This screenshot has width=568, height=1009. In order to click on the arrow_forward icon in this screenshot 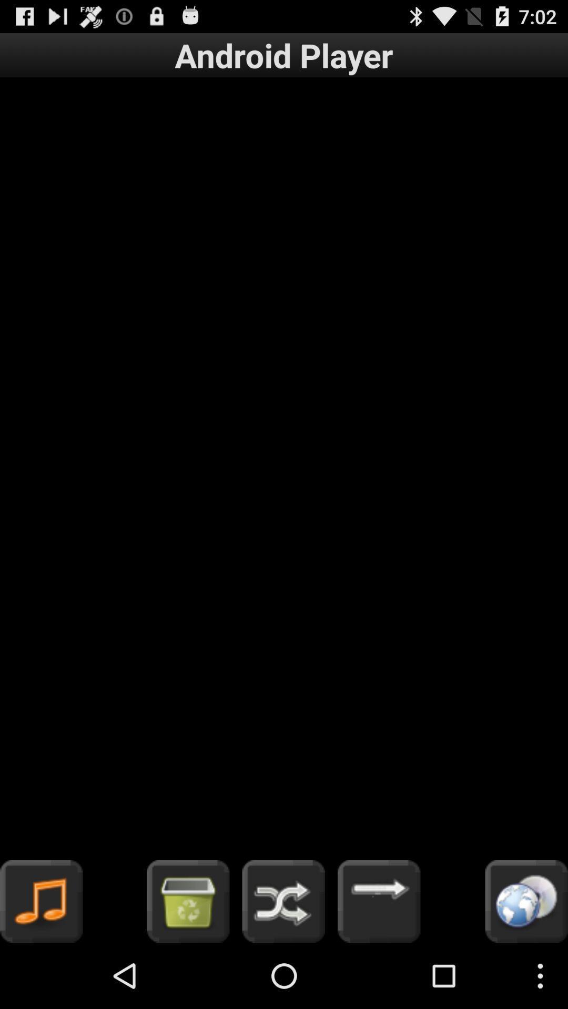, I will do `click(379, 964)`.